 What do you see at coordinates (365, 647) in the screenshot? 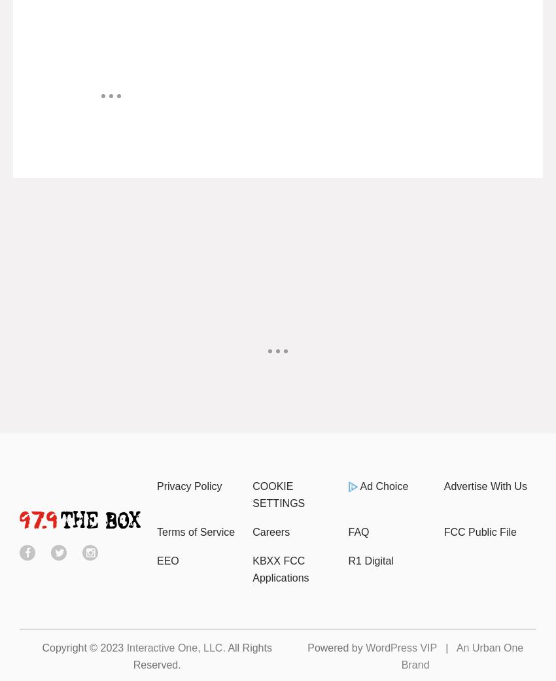
I see `'WordPress VIP'` at bounding box center [365, 647].